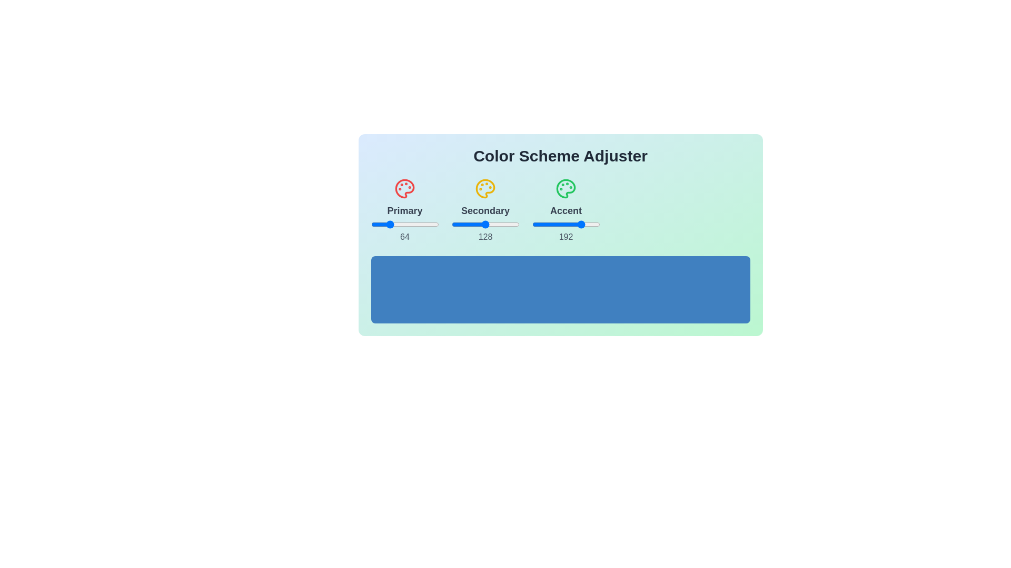 The height and width of the screenshot is (568, 1011). Describe the element at coordinates (415, 224) in the screenshot. I see `the 0 slider to 42` at that location.